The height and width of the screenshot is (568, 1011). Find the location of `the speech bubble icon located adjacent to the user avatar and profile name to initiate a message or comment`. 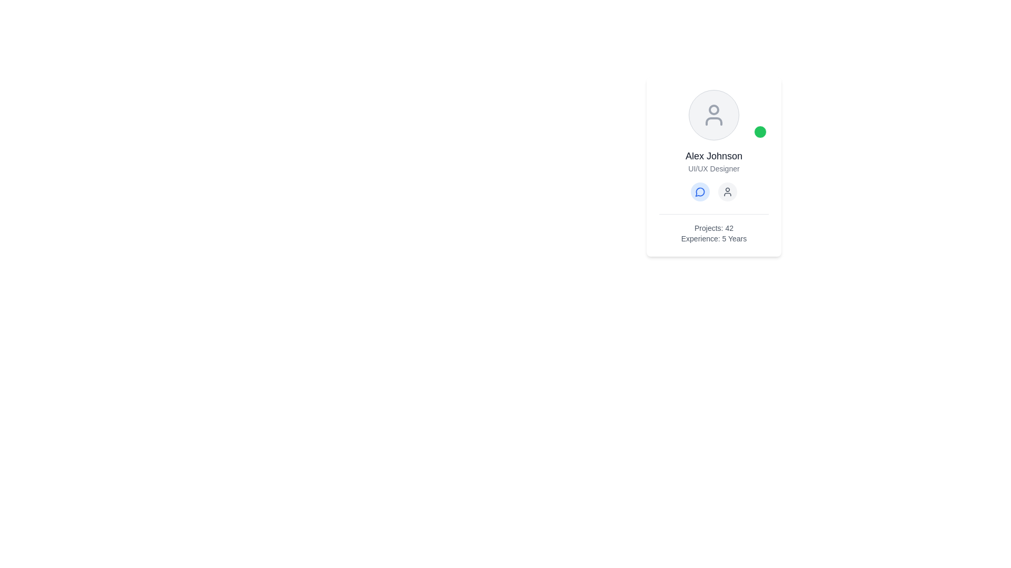

the speech bubble icon located adjacent to the user avatar and profile name to initiate a message or comment is located at coordinates (700, 192).